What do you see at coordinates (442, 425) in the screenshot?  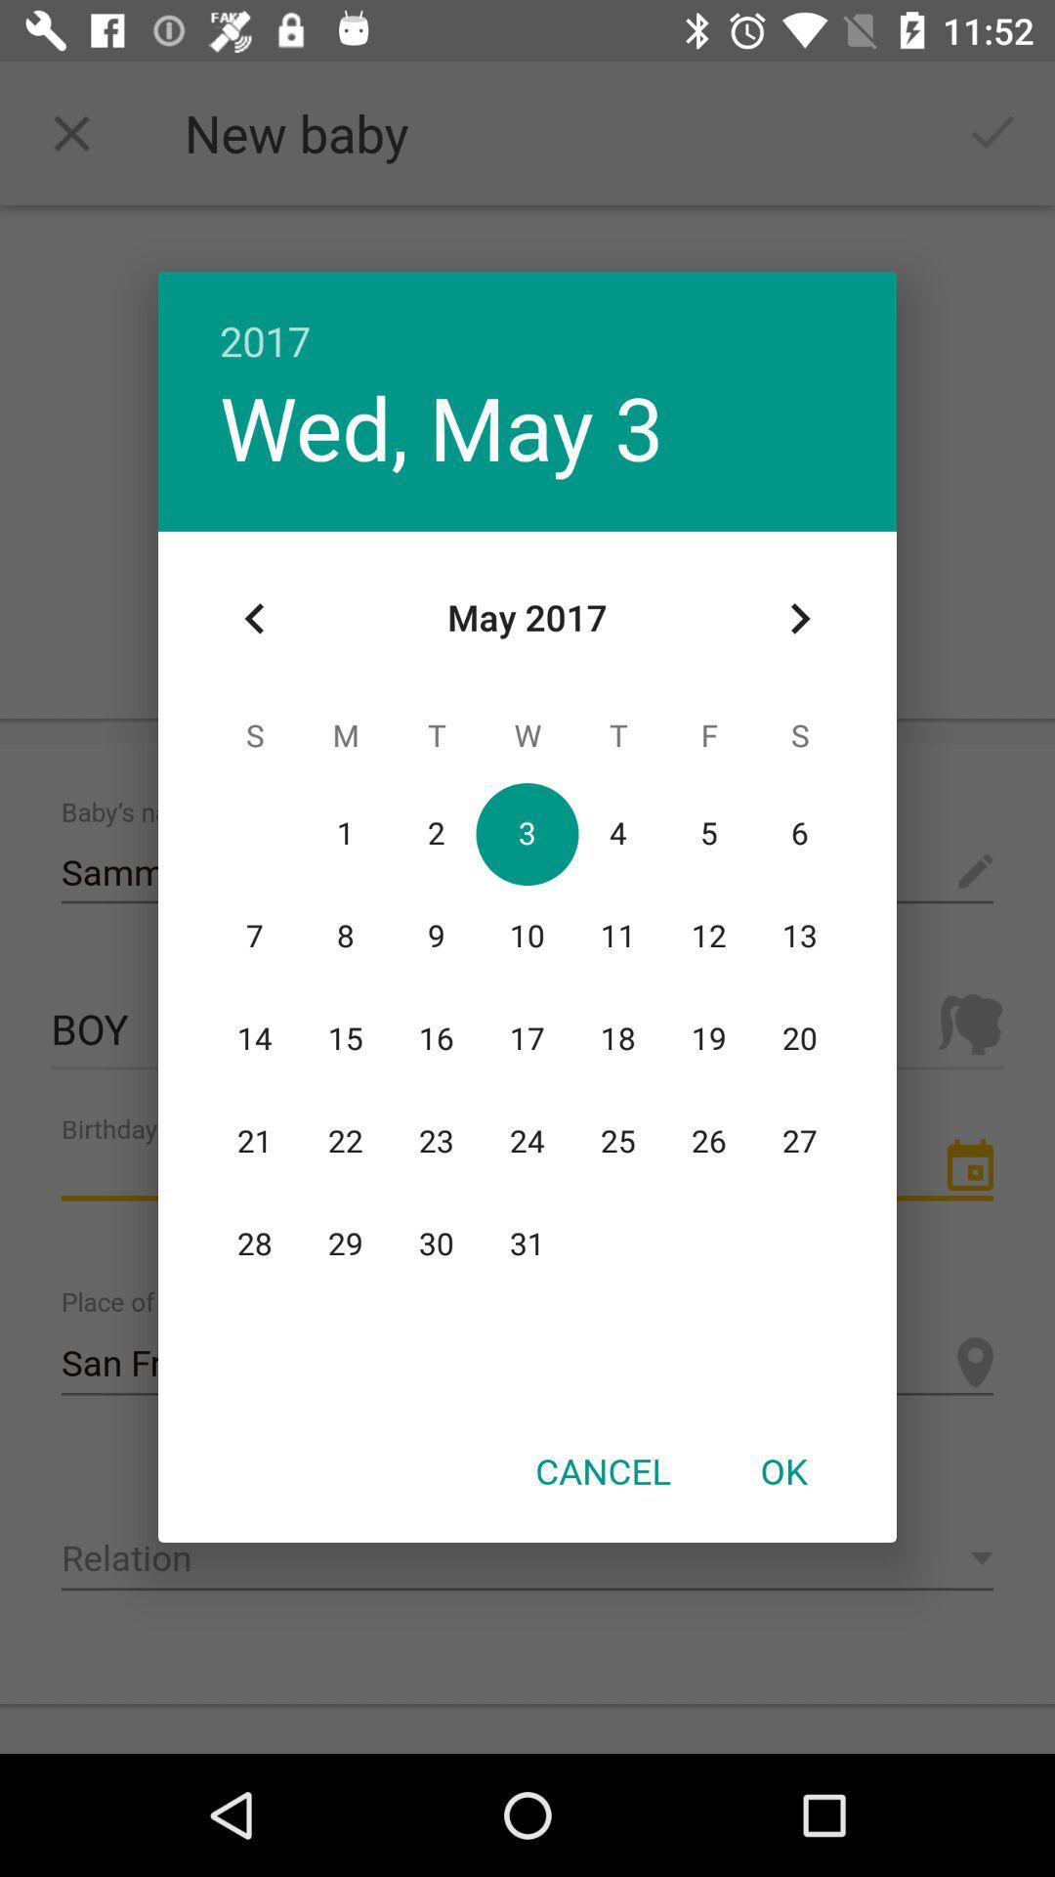 I see `the wed, may 3 item` at bounding box center [442, 425].